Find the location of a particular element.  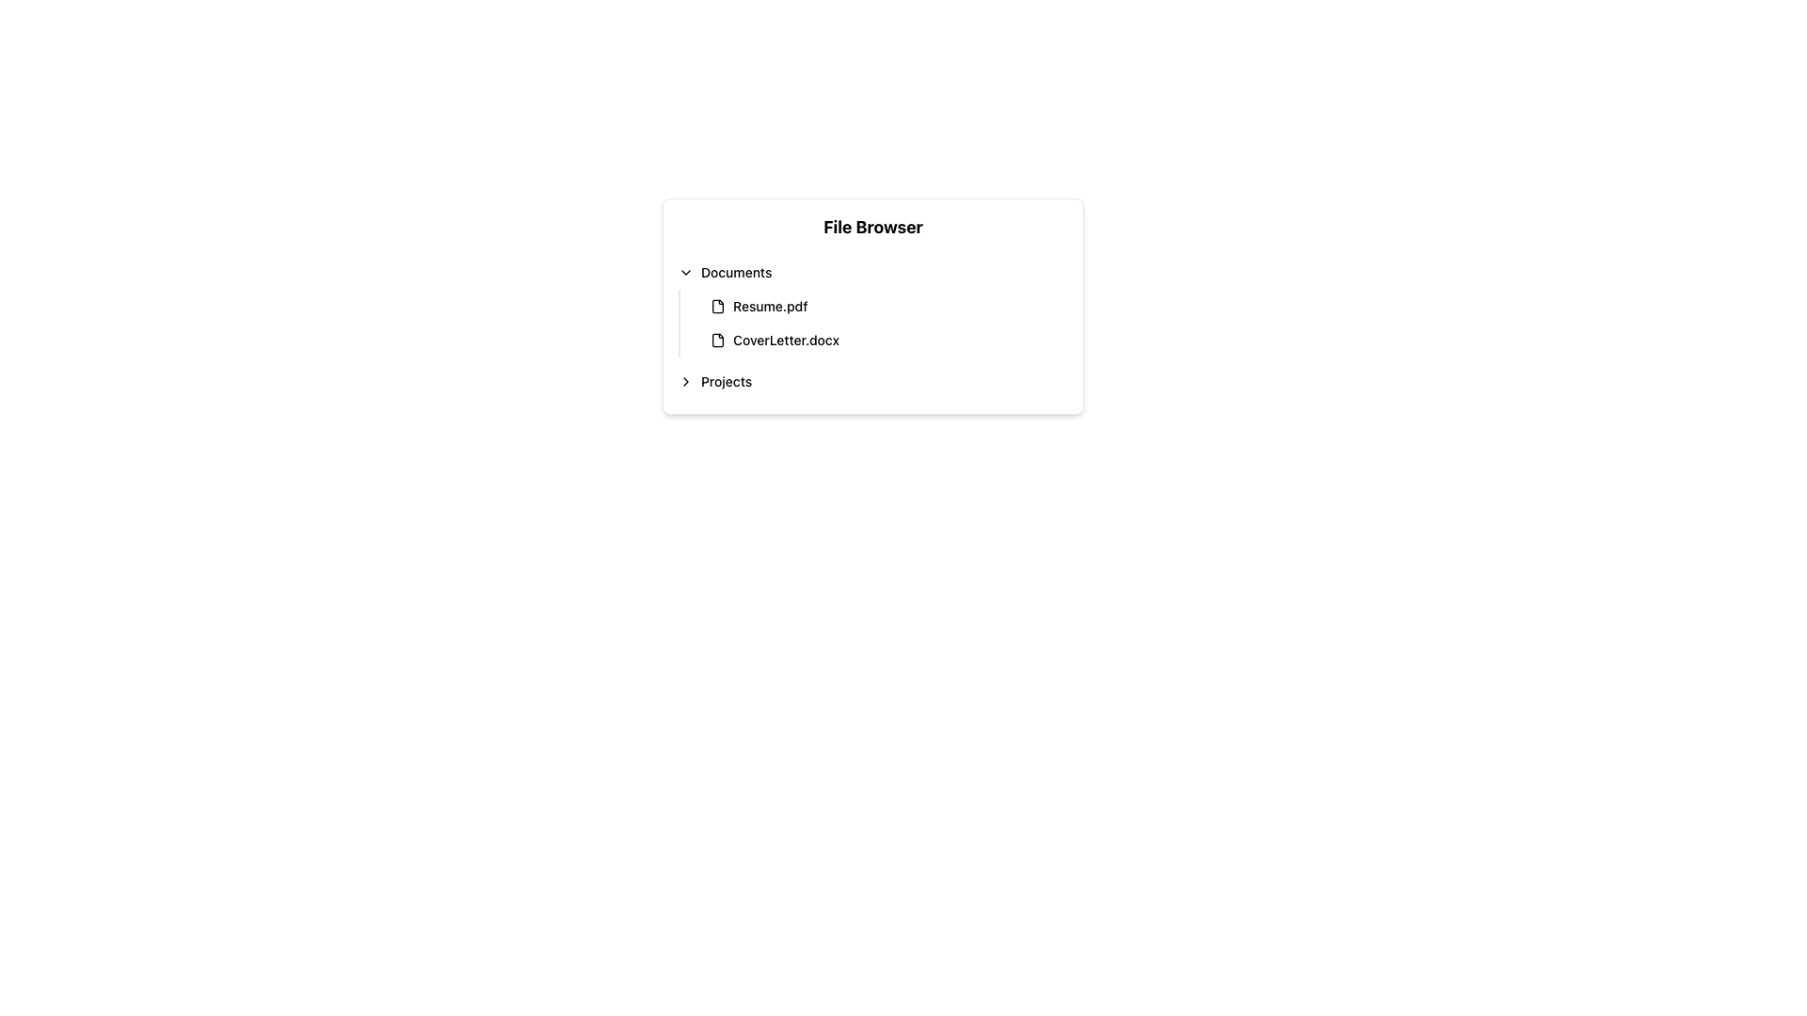

the 'Documents' text label is located at coordinates (735, 272).